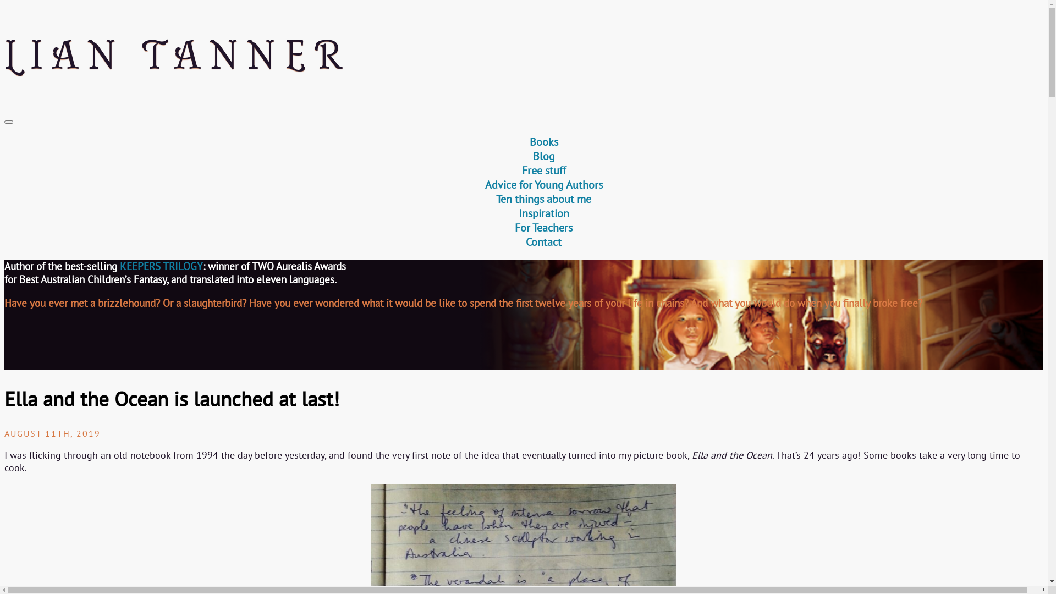  Describe the element at coordinates (543, 141) in the screenshot. I see `'Books'` at that location.